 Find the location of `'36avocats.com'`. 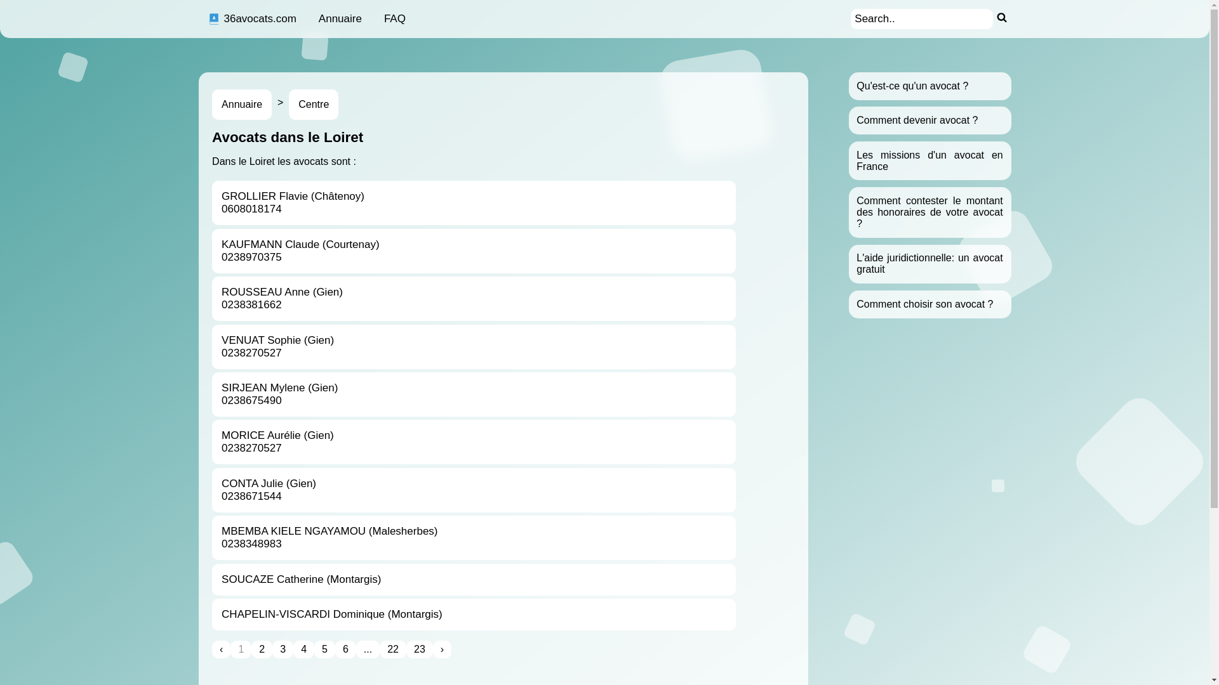

'36avocats.com' is located at coordinates (251, 19).